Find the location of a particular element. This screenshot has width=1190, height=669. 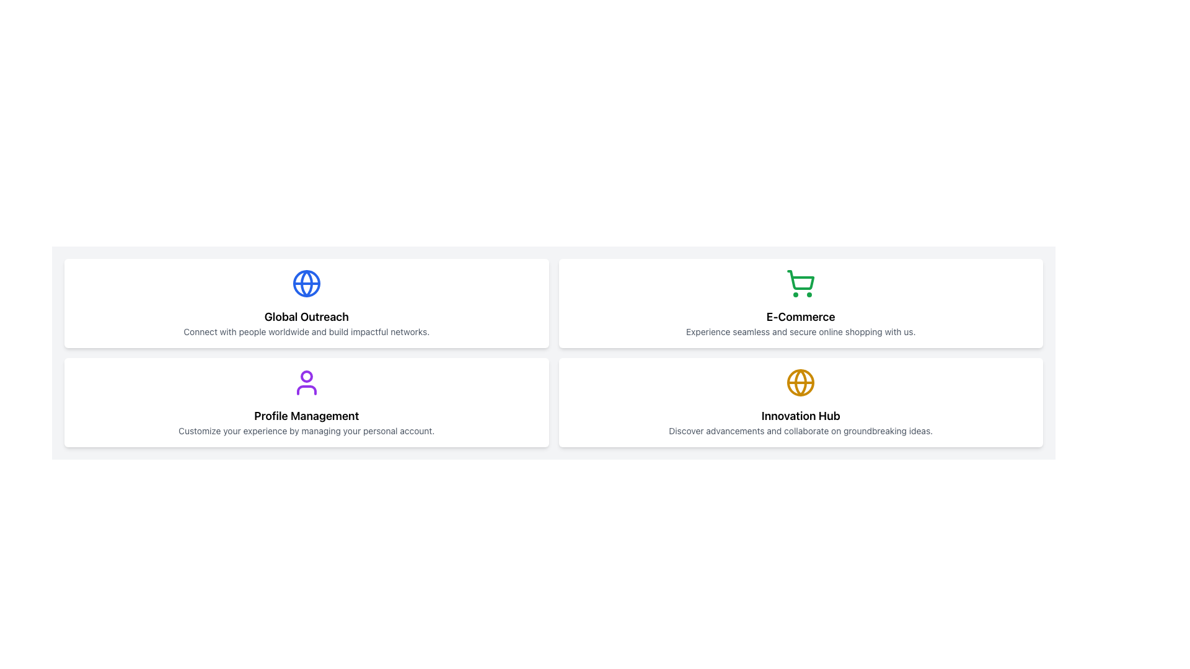

text line that says 'Connect with people worldwide and build impactful networks.' located underneath the title 'Global Outreach' in a white card layout is located at coordinates (306, 331).